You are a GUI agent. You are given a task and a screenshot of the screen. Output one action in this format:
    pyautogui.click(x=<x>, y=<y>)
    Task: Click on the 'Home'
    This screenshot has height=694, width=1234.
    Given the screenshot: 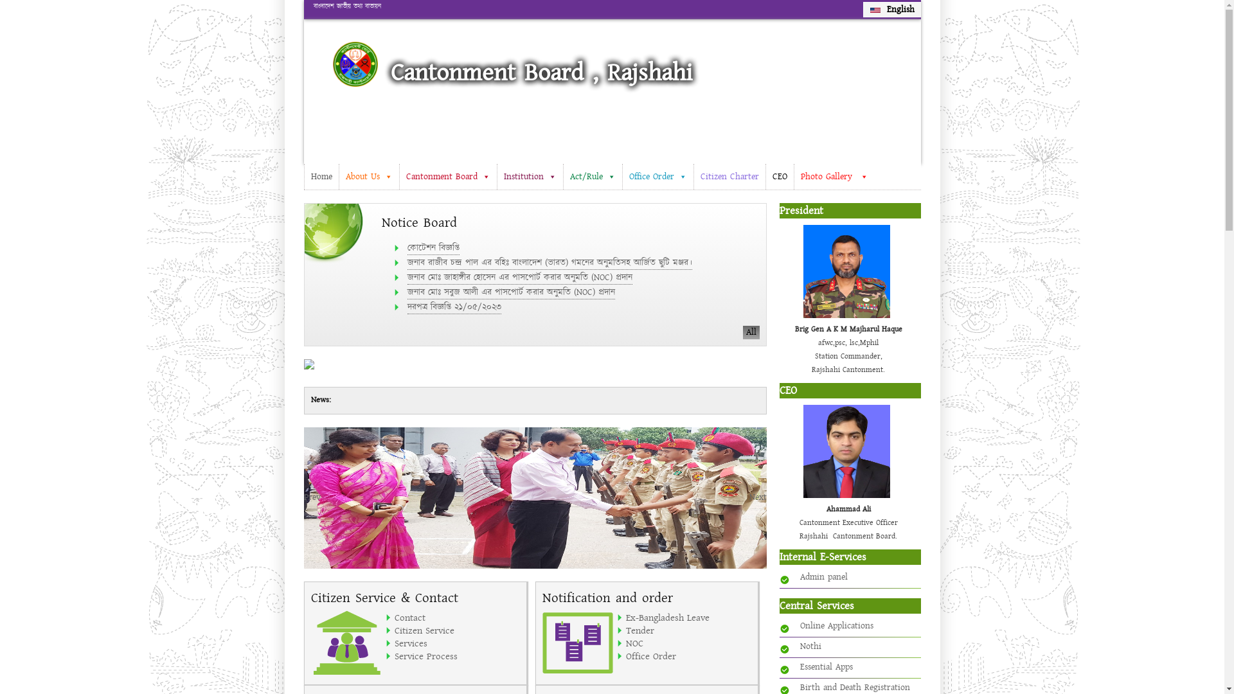 What is the action you would take?
    pyautogui.click(x=321, y=176)
    